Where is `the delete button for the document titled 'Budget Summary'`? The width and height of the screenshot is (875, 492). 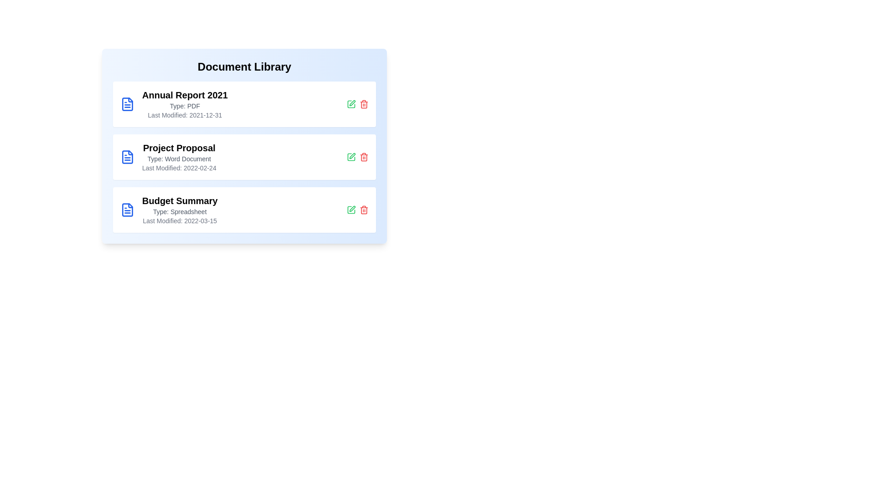
the delete button for the document titled 'Budget Summary' is located at coordinates (363, 210).